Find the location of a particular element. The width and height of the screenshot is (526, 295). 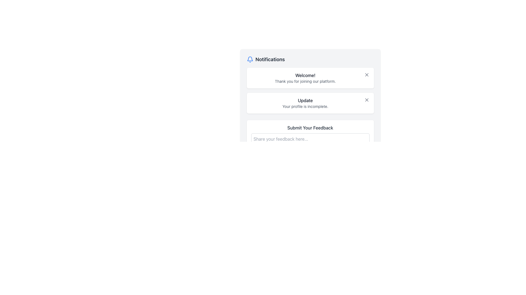

the blue notification bell icon located to the left of the 'Notifications' text in the panel header is located at coordinates (250, 60).